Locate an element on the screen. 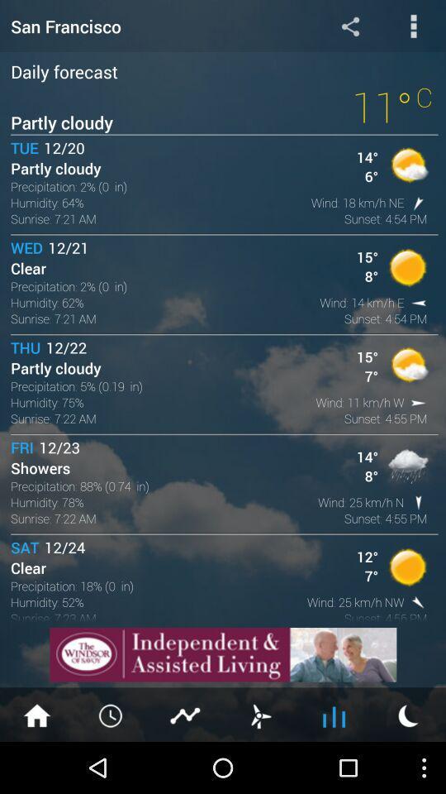  check previous history is located at coordinates (111, 714).